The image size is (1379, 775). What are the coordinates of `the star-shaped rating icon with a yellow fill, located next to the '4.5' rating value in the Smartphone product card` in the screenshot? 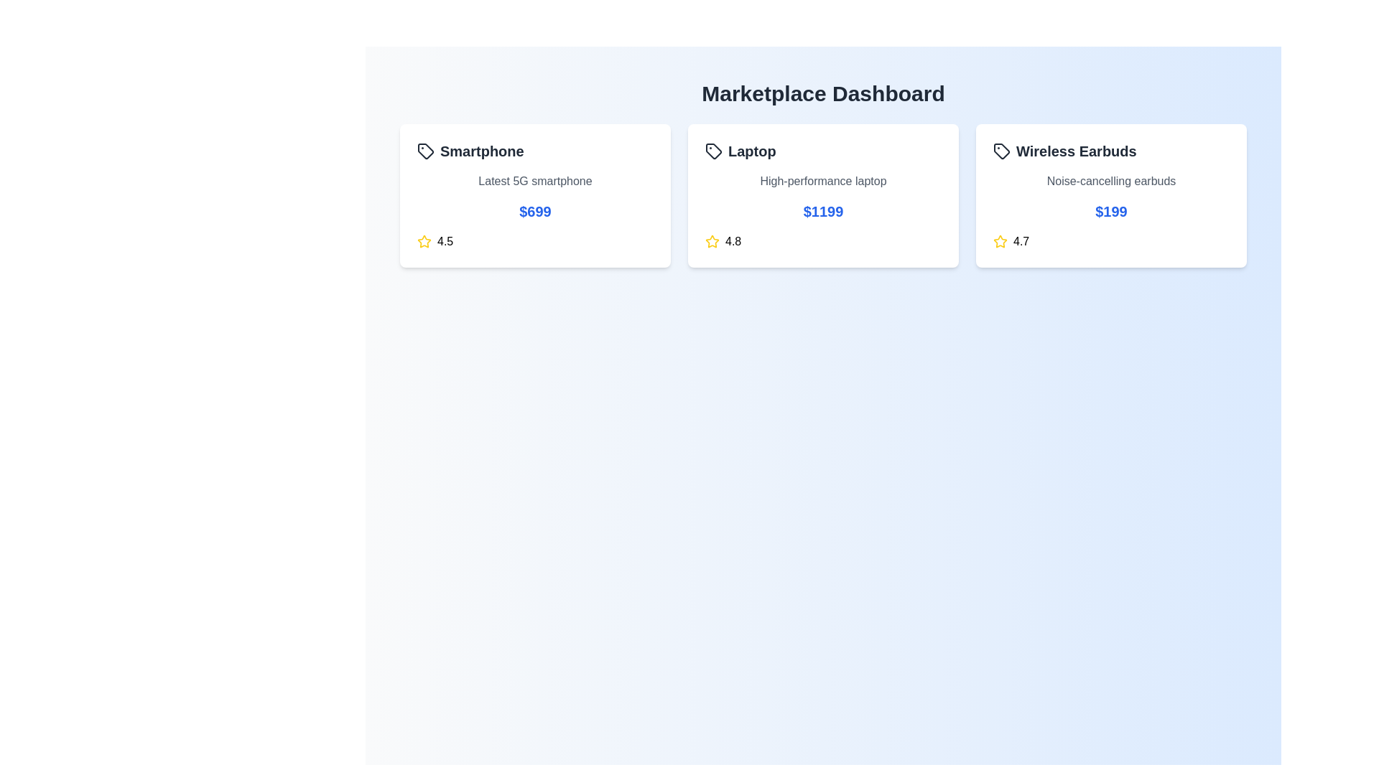 It's located at (423, 240).